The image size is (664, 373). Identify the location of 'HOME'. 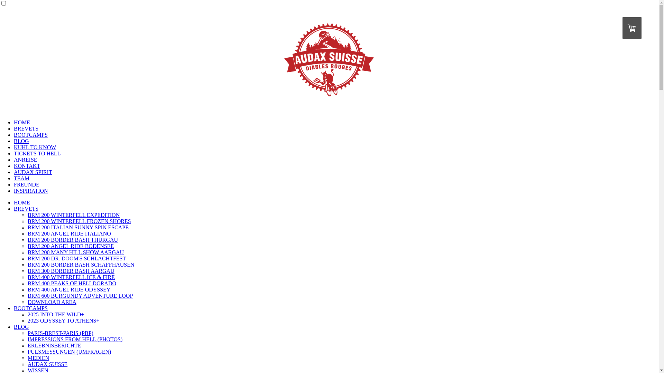
(22, 122).